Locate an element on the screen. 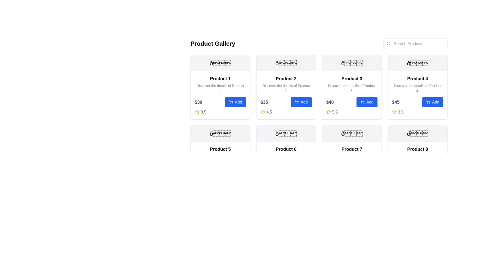 This screenshot has width=480, height=270. text label displaying the rating value '3.5' located to the right of the yellow star icon in the bottom-left corner of the 'Product 4' card is located at coordinates (401, 112).